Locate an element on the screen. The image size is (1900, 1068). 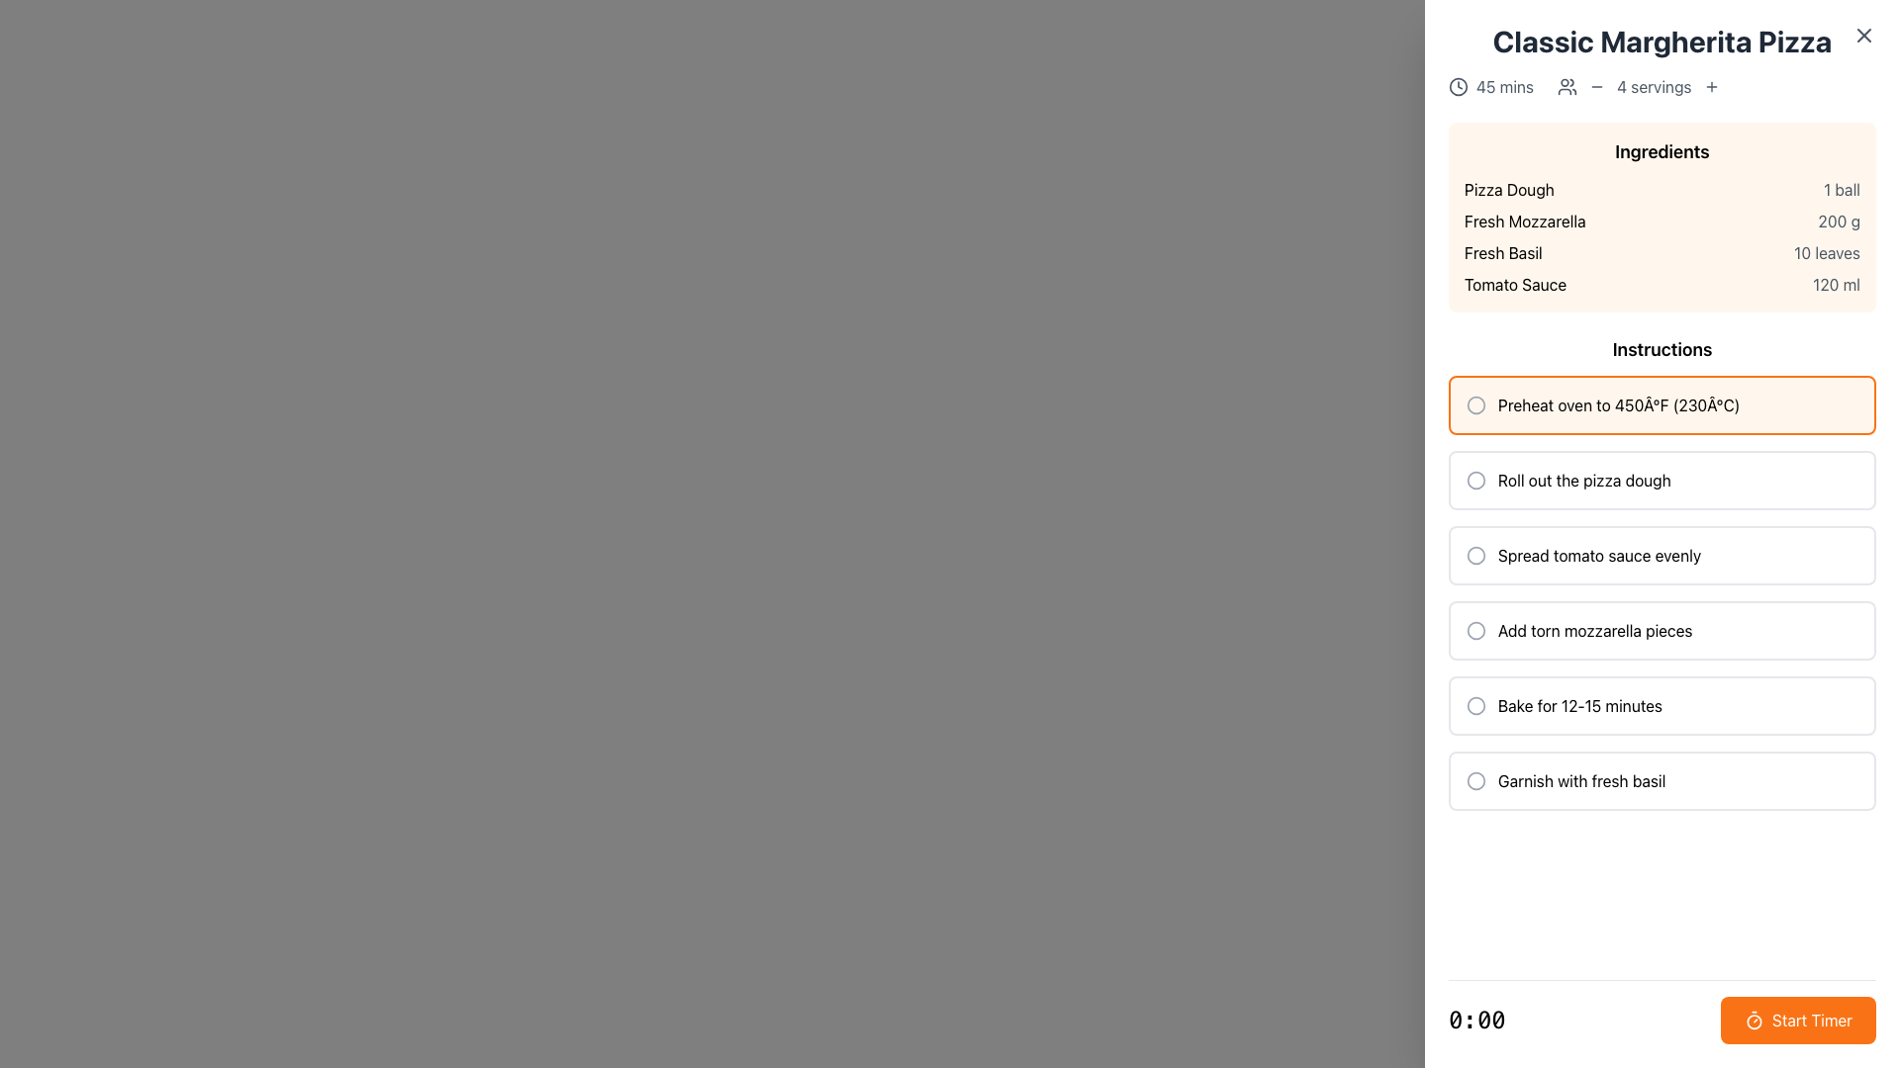
the second instructional step indicator circle that represents the status of 'Roll out the pizza dough' is located at coordinates (1476, 481).